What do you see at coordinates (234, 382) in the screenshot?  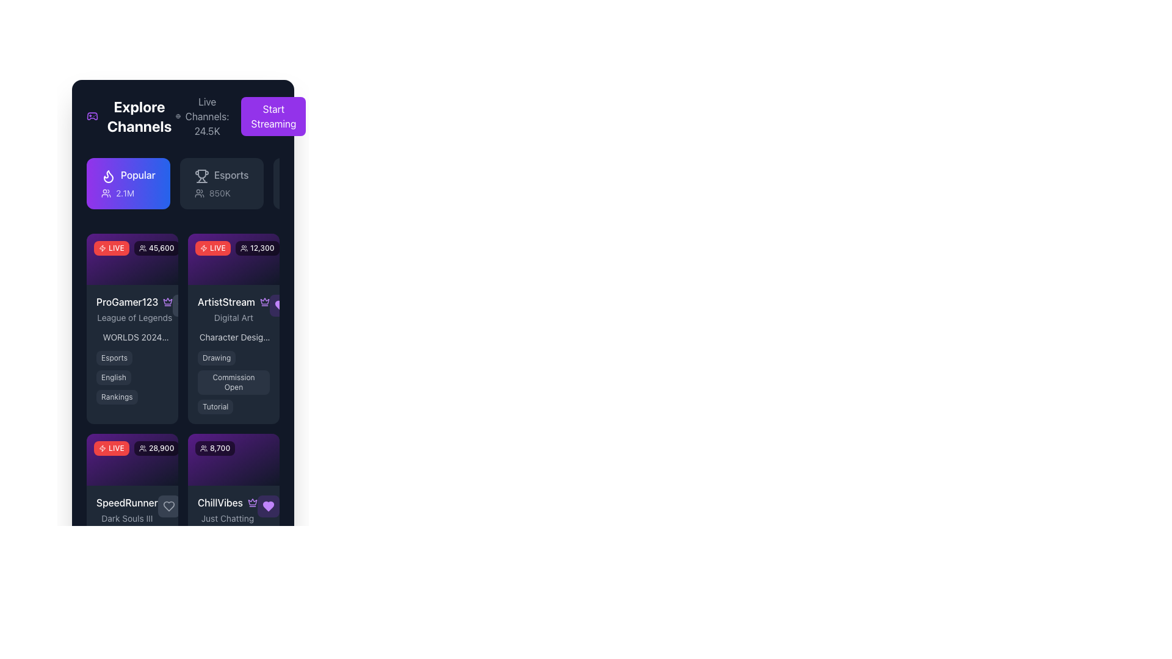 I see `the 'Commission Open' label, which is a small rectangular label with rounded corners, featuring a semi-transparent dark gray background and light gray text, located under the 'ArtistStream' heading in the 'Explore Channels' section` at bounding box center [234, 382].